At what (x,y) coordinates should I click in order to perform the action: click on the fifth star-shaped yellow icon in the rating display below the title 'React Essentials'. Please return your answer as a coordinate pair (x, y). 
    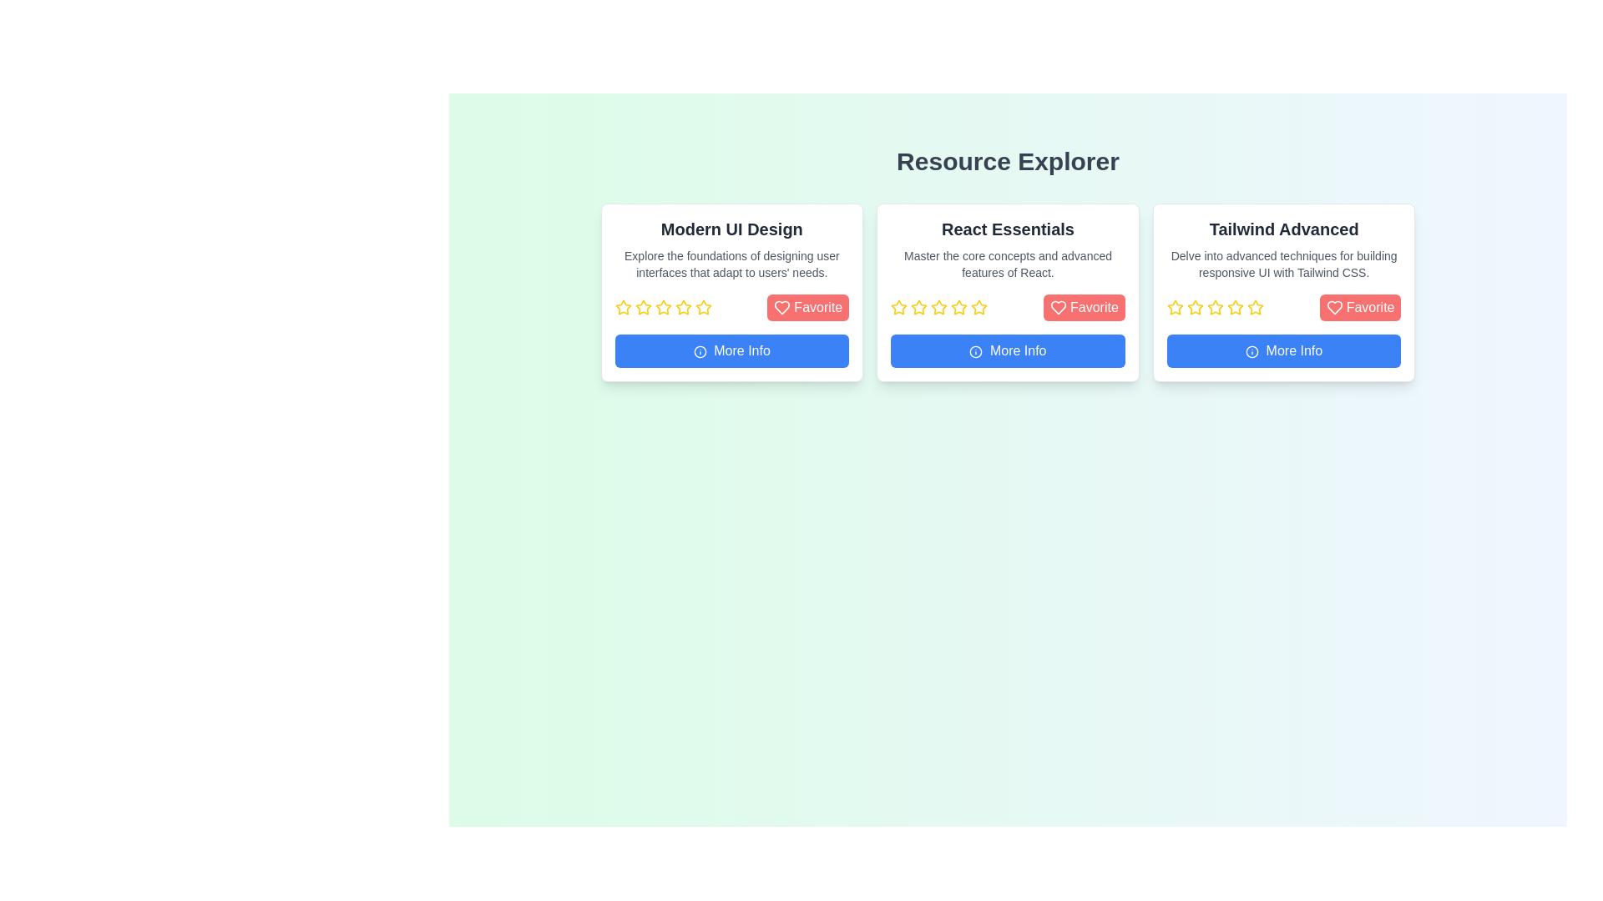
    Looking at the image, I should click on (959, 308).